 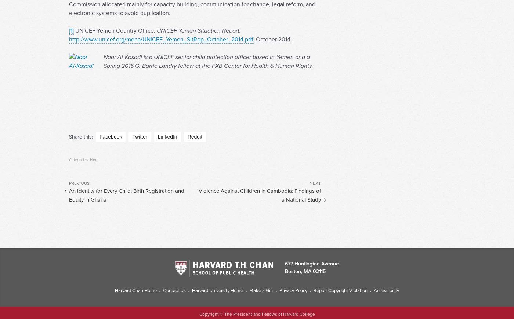 I want to click on 'Accessibility', so click(x=386, y=305).